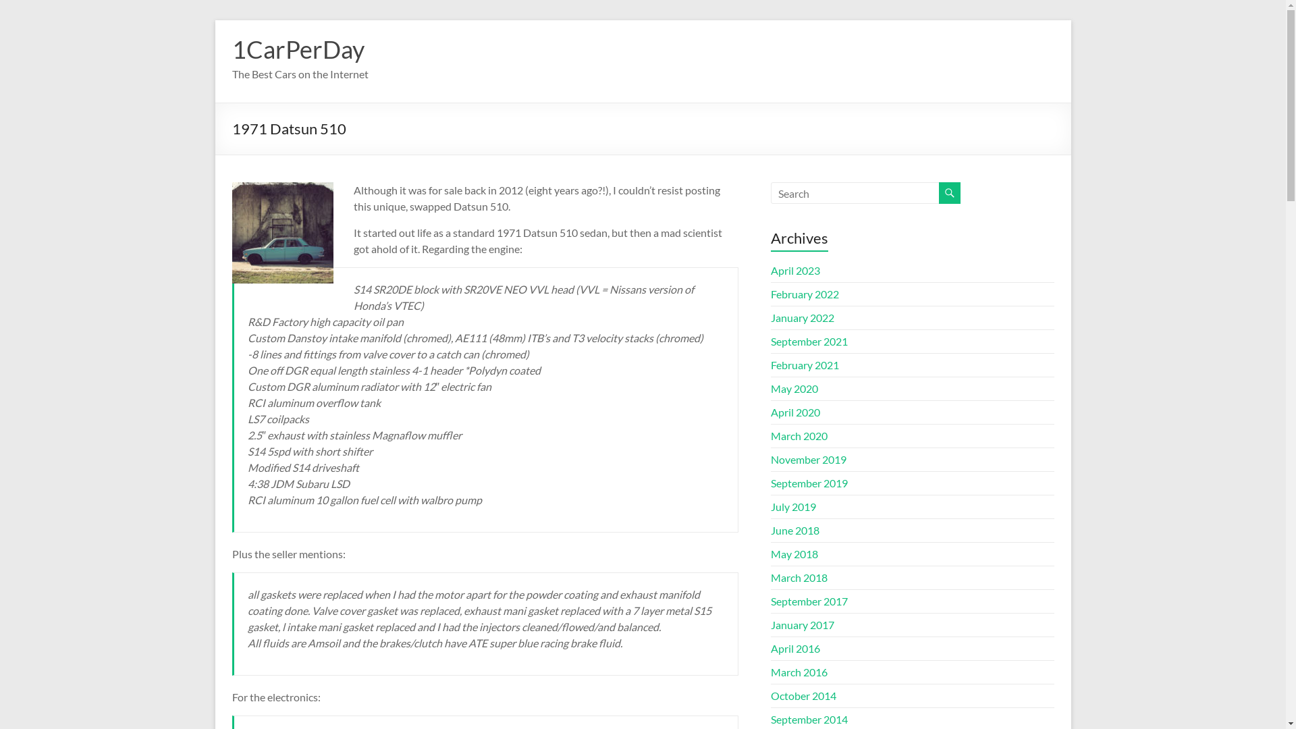  What do you see at coordinates (799, 577) in the screenshot?
I see `'March 2018'` at bounding box center [799, 577].